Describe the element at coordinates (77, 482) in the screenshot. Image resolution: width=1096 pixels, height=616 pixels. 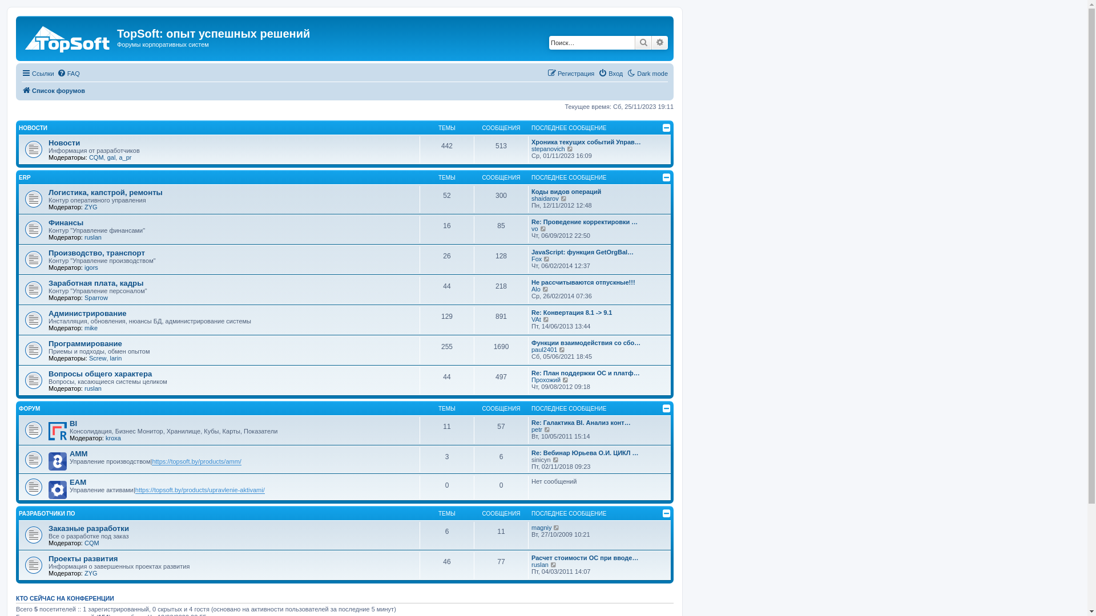
I see `'EAM'` at that location.